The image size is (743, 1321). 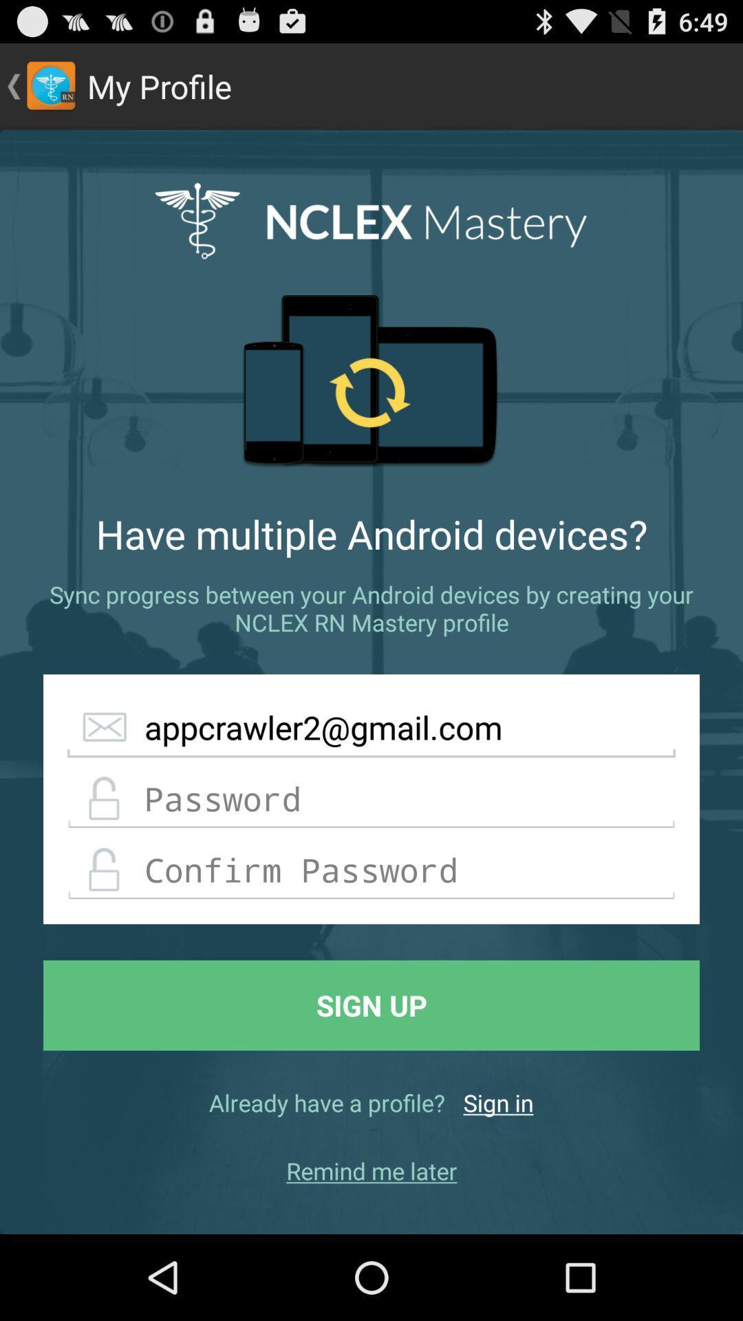 I want to click on confirm password, so click(x=371, y=870).